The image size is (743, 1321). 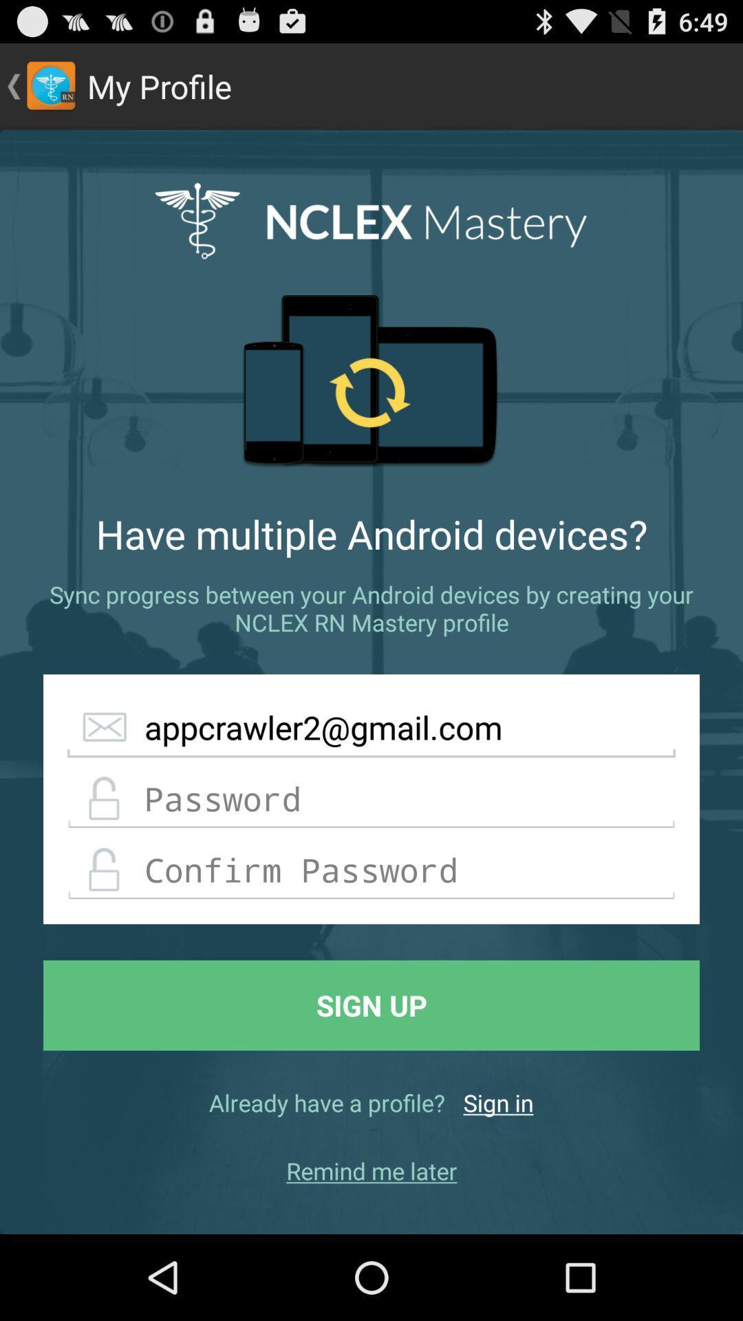 I want to click on confirm password, so click(x=371, y=870).